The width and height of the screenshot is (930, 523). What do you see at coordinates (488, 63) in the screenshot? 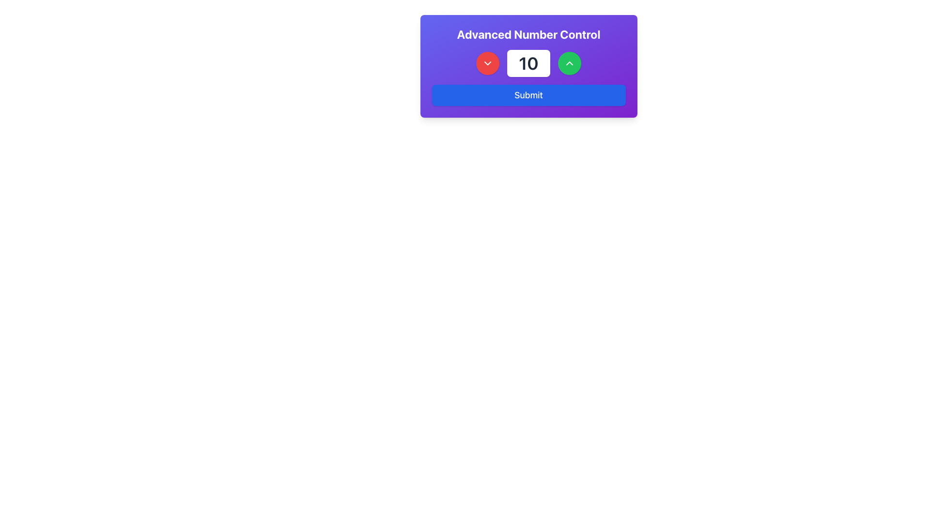
I see `the button that decreases the displayed number, located to the left of the number display box and aligned with the green button on the right of the label 'Advanced Number Control'` at bounding box center [488, 63].